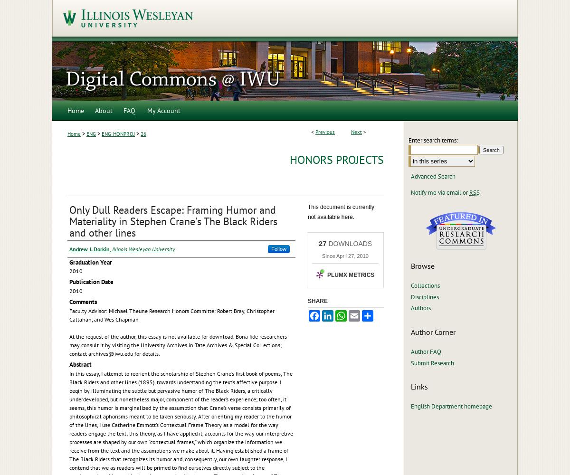  I want to click on 'Enter search terms:', so click(433, 140).